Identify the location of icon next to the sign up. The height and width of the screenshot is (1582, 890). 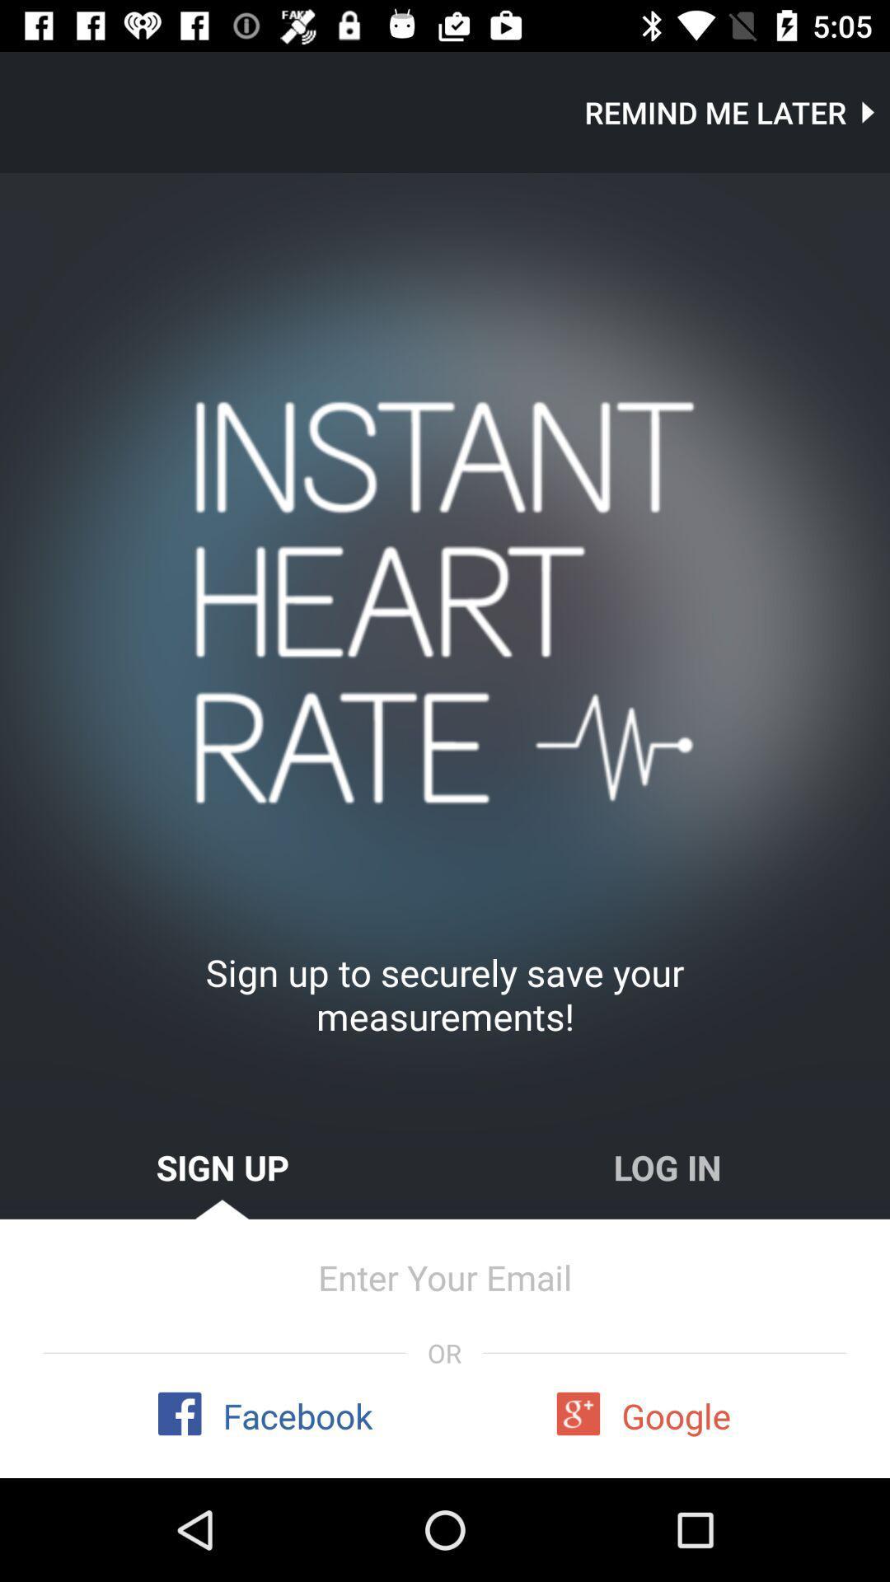
(667, 1166).